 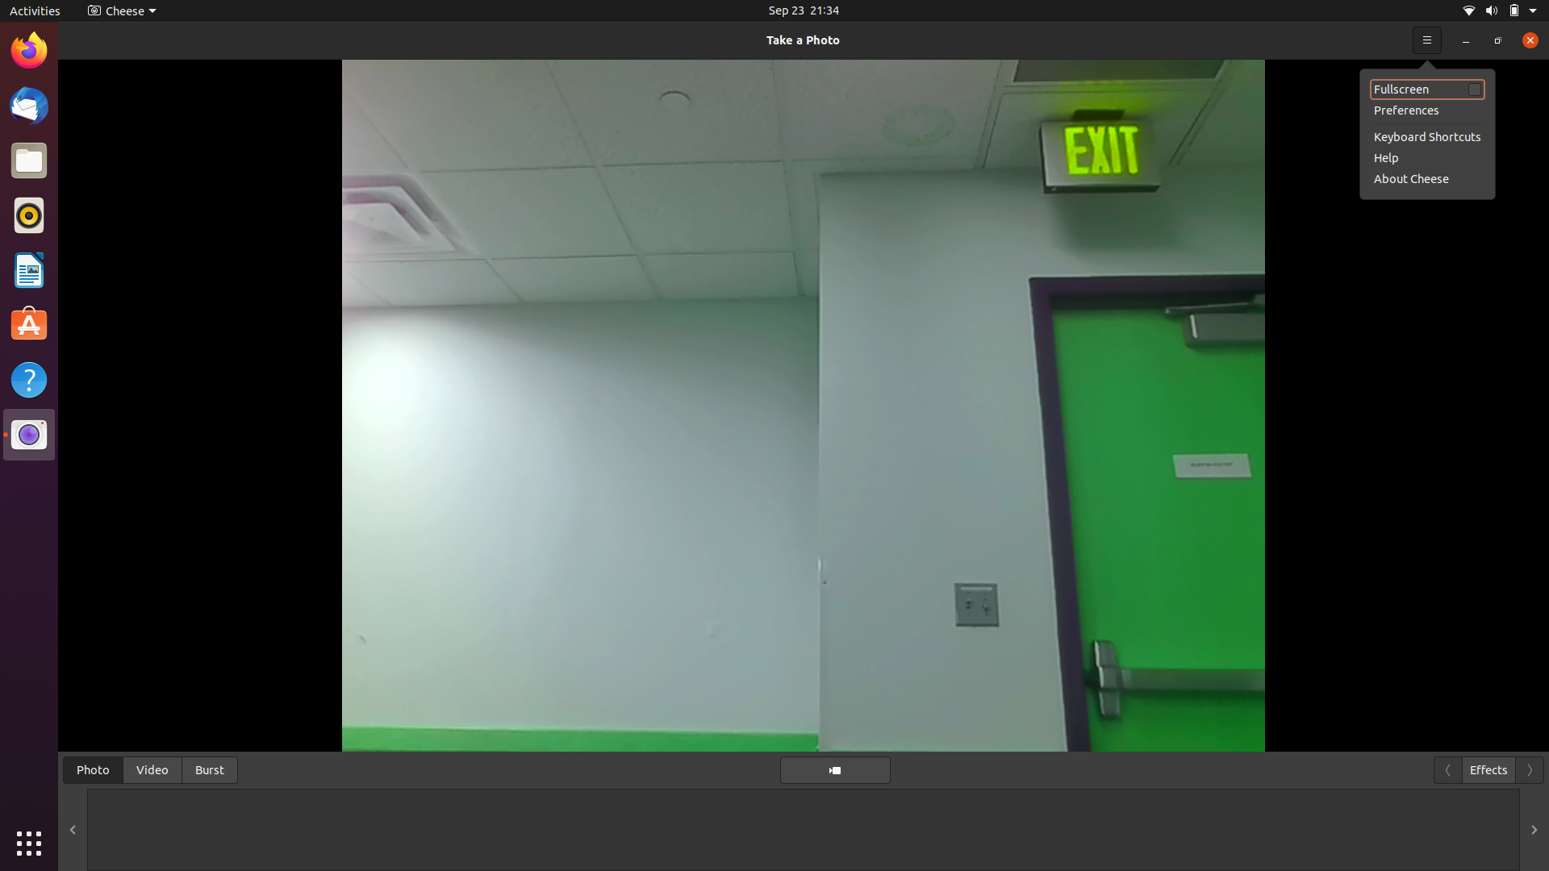 I want to click on help section, so click(x=1425, y=157).